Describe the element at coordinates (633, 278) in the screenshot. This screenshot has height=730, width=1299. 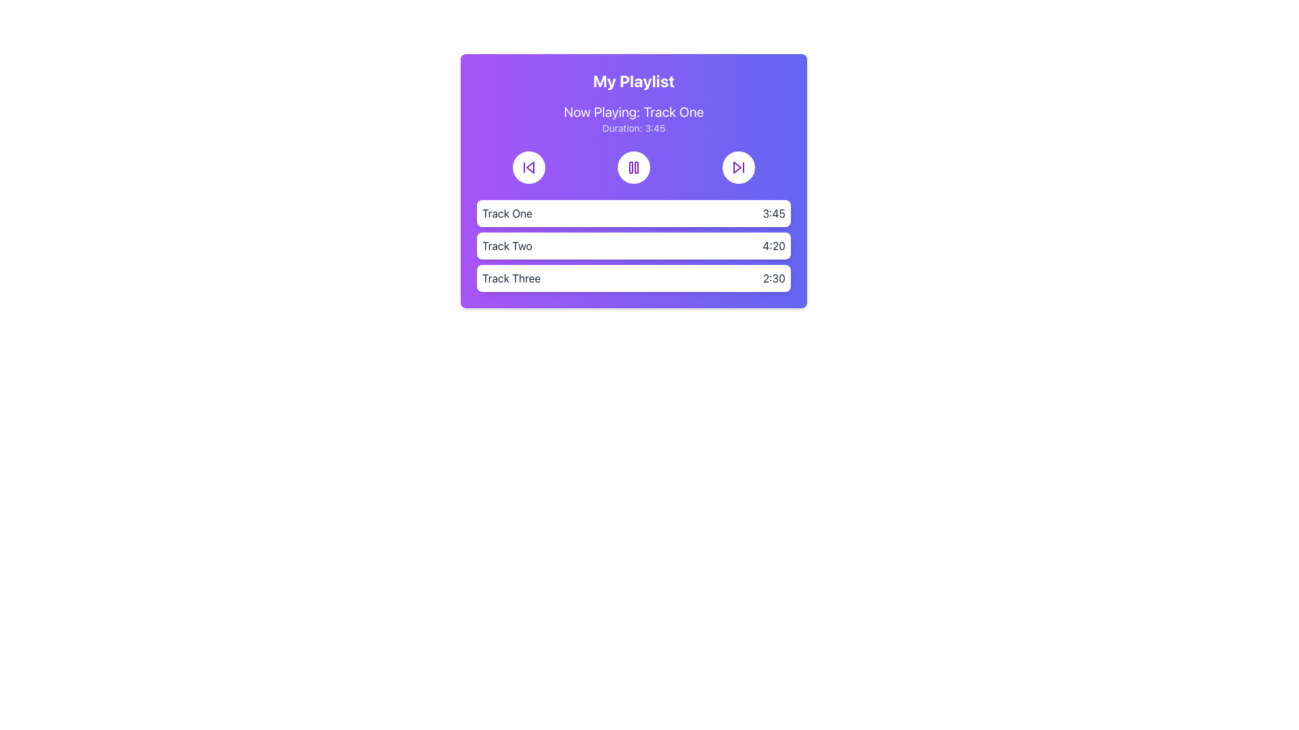
I see `the third track item in the playlist labeled 'Track Three' with a duration of '2:30'` at that location.